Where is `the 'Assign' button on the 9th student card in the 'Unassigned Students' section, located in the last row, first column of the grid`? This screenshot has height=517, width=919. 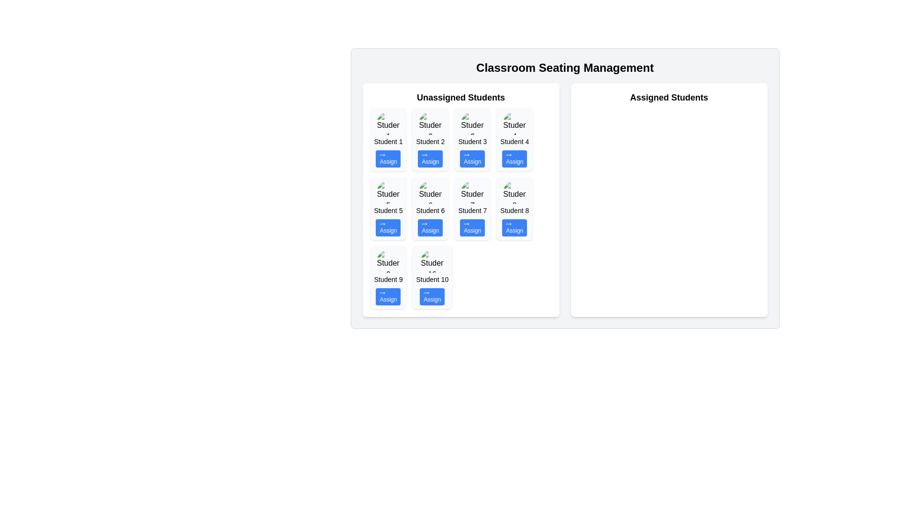
the 'Assign' button on the 9th student card in the 'Unassigned Students' section, located in the last row, first column of the grid is located at coordinates (388, 277).